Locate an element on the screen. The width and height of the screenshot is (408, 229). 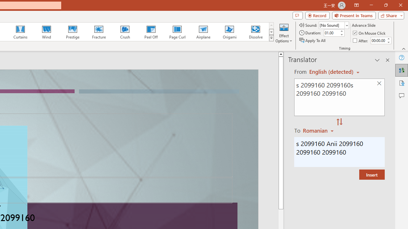
'Fracture' is located at coordinates (98, 32).